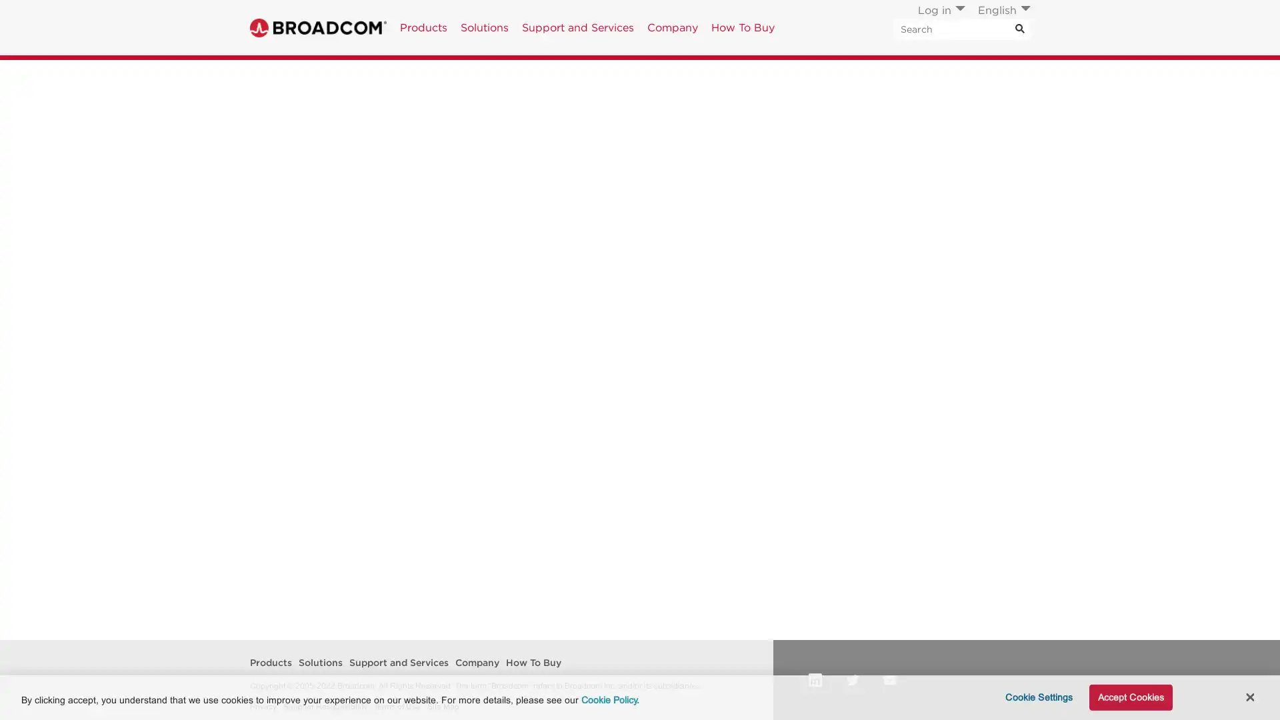 The height and width of the screenshot is (720, 1280). I want to click on Close, so click(1249, 696).